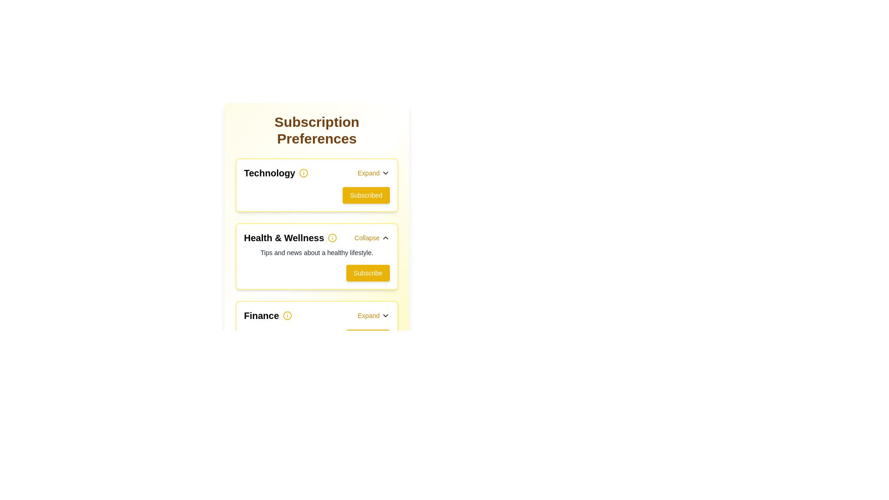 This screenshot has width=889, height=500. Describe the element at coordinates (283, 237) in the screenshot. I see `the 'Health & Wellness' text label located within the subscription preference card` at that location.